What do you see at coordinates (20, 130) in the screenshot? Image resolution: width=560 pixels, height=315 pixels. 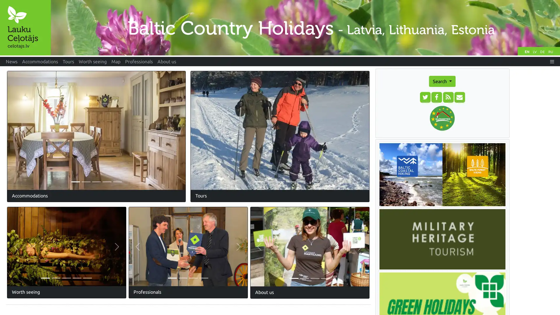 I see `Previous` at bounding box center [20, 130].